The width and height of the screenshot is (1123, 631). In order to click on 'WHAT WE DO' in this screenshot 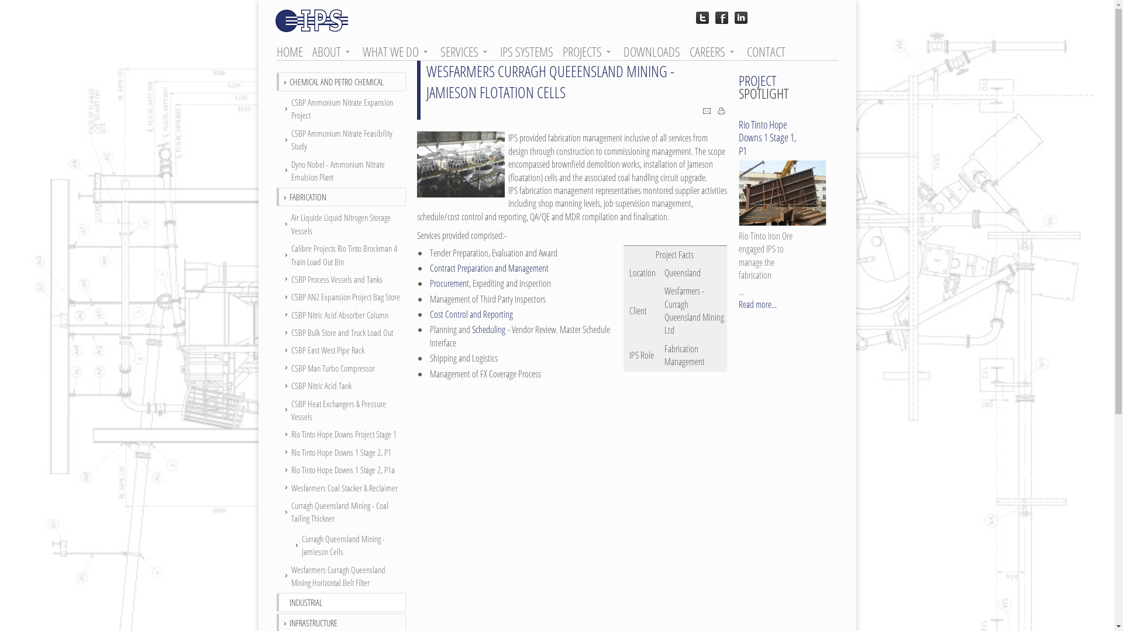, I will do `click(395, 51)`.